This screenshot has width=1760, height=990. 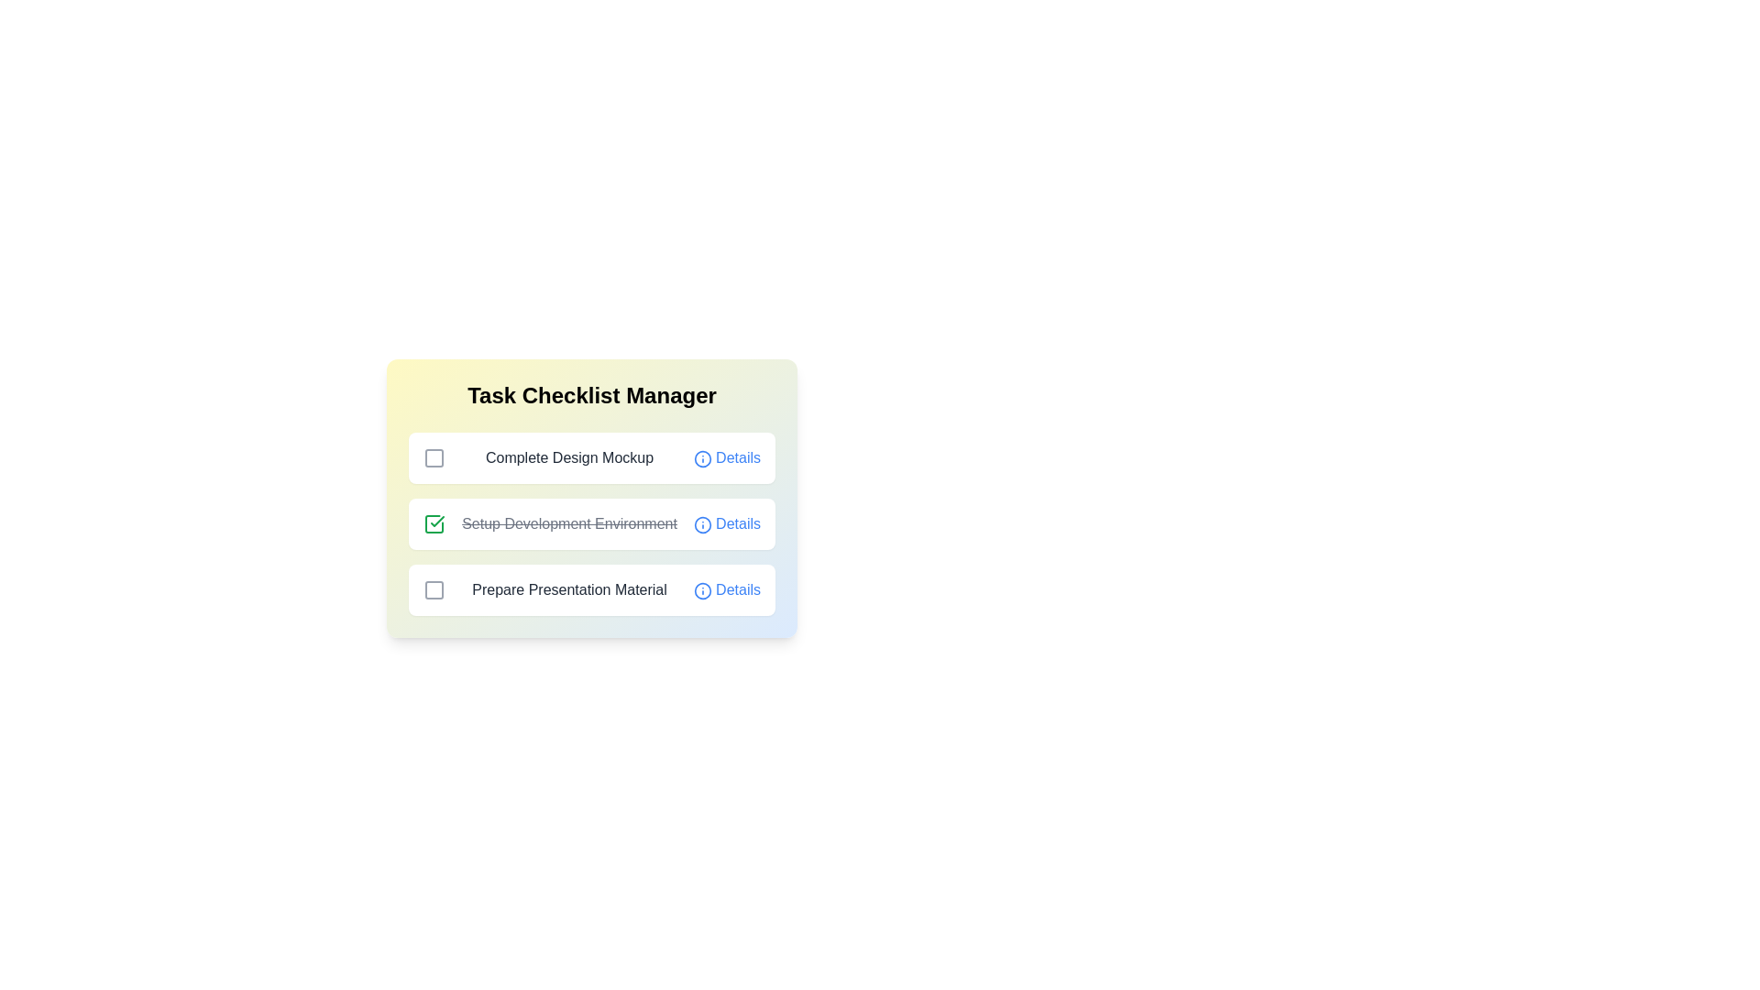 What do you see at coordinates (434, 523) in the screenshot?
I see `the checkbox of the task identified by Setup Development Environment` at bounding box center [434, 523].